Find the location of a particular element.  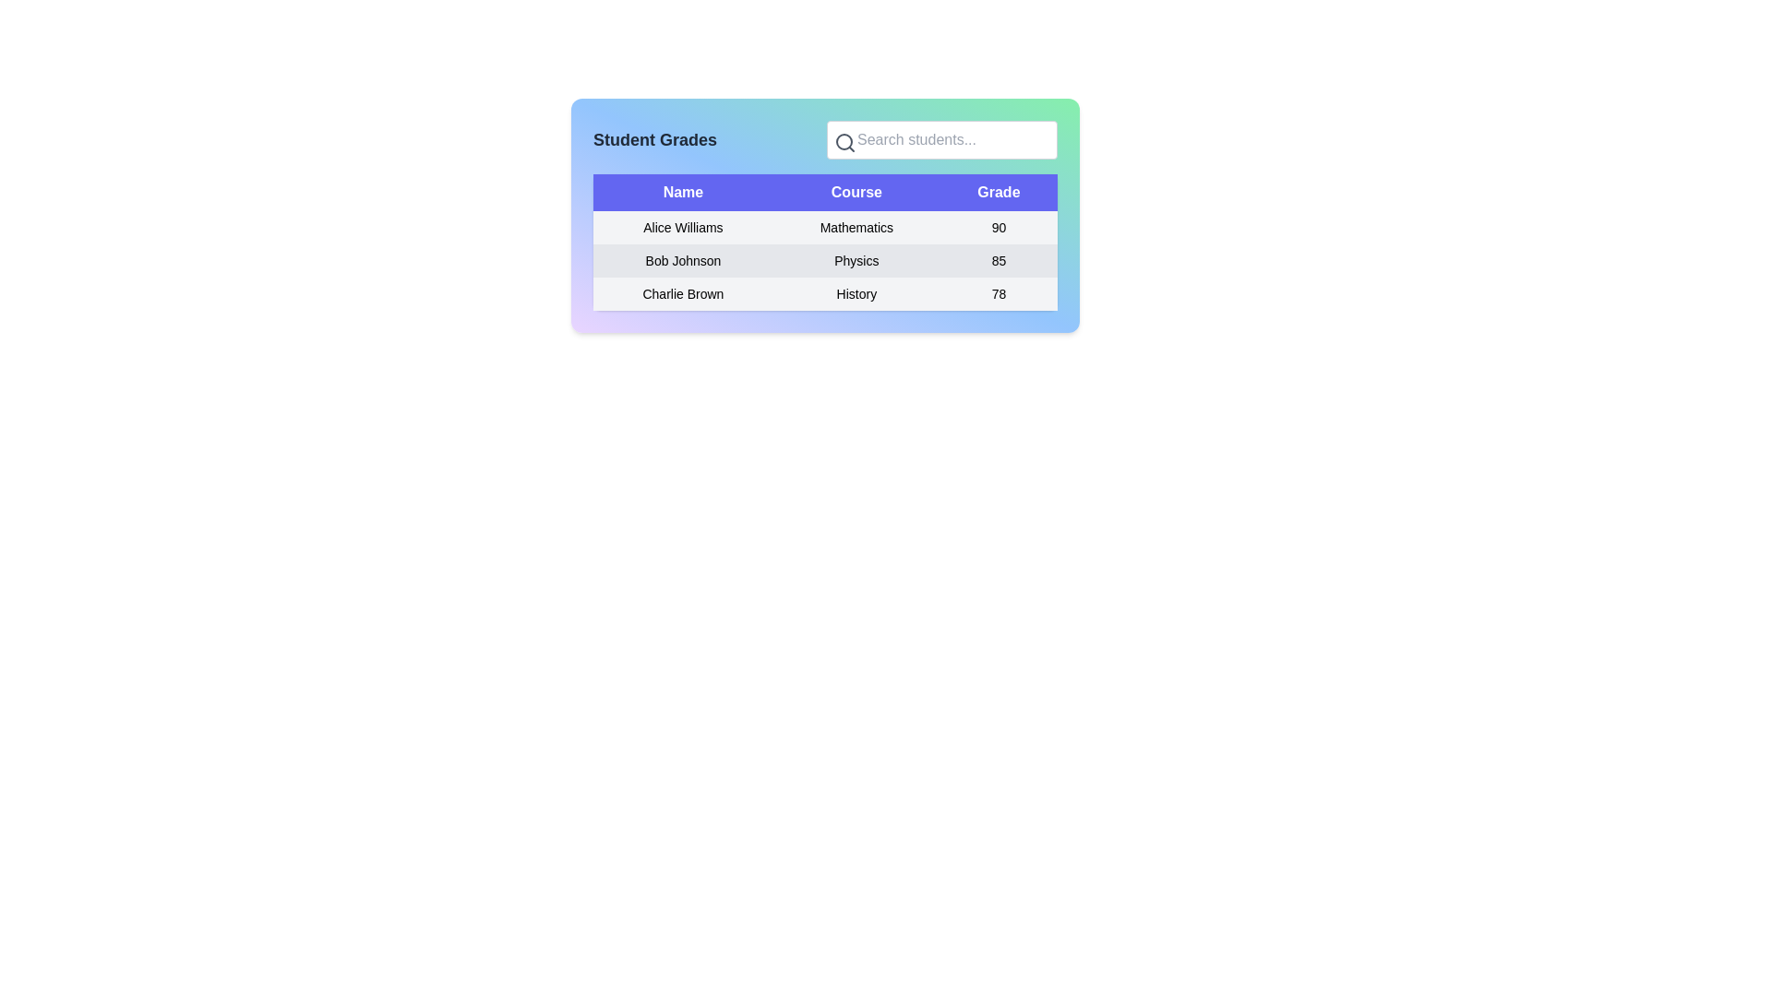

the numerical grade display element (78) for student 'Charlie Brown' in the 'History' course, located in the bottom row of the table under the 'Grade' column is located at coordinates (998, 293).